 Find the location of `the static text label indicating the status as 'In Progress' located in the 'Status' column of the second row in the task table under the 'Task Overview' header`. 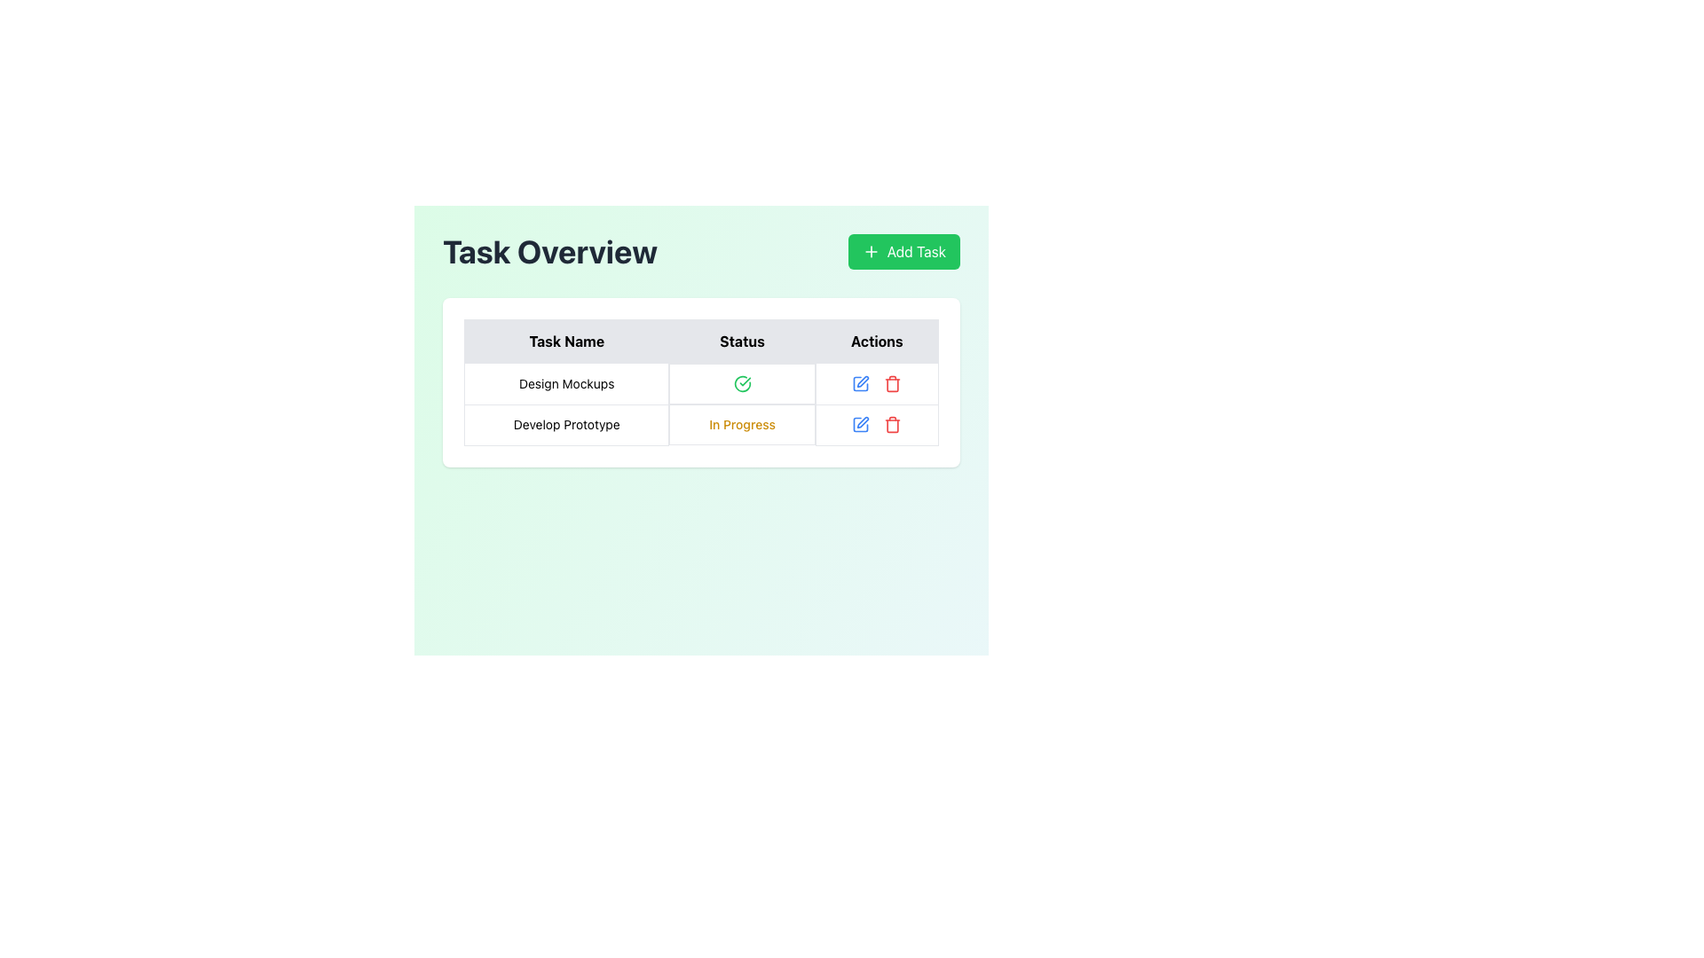

the static text label indicating the status as 'In Progress' located in the 'Status' column of the second row in the task table under the 'Task Overview' header is located at coordinates (742, 424).